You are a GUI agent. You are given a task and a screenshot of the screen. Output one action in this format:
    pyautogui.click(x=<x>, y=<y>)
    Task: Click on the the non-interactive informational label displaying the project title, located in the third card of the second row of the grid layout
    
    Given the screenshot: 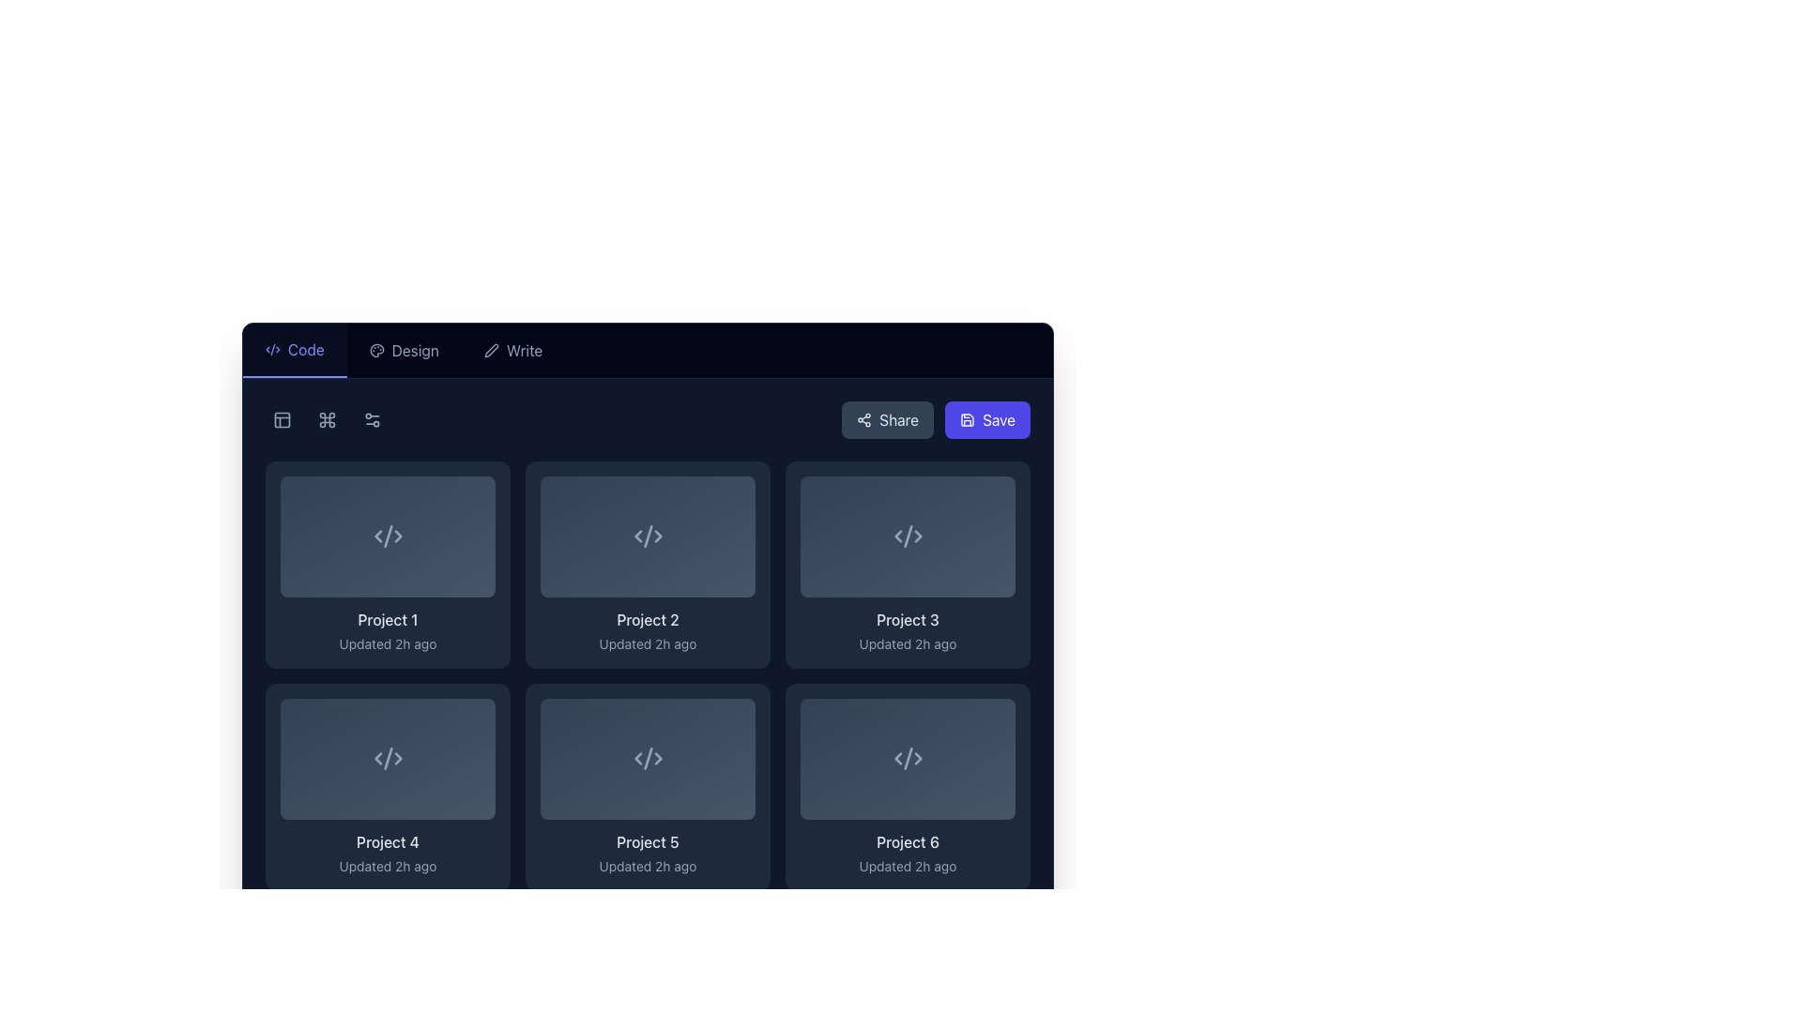 What is the action you would take?
    pyautogui.click(x=908, y=619)
    